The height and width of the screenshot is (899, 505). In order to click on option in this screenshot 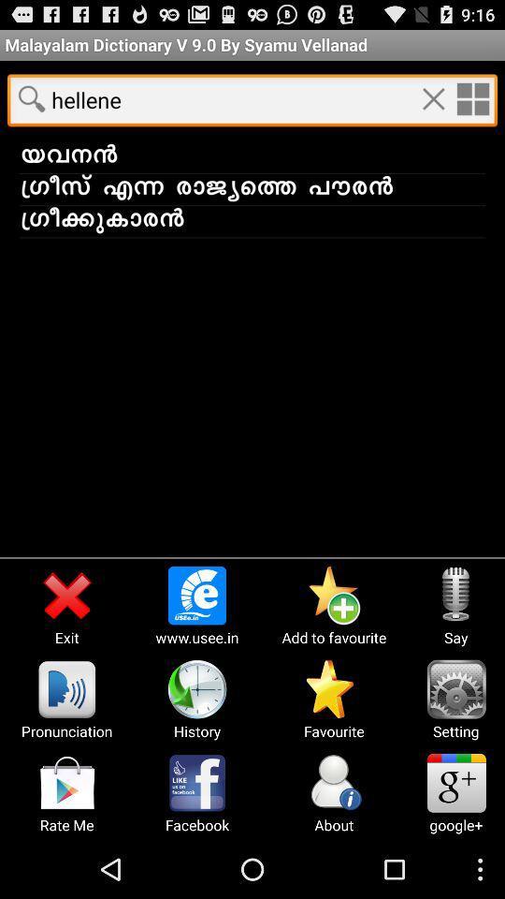, I will do `click(471, 98)`.